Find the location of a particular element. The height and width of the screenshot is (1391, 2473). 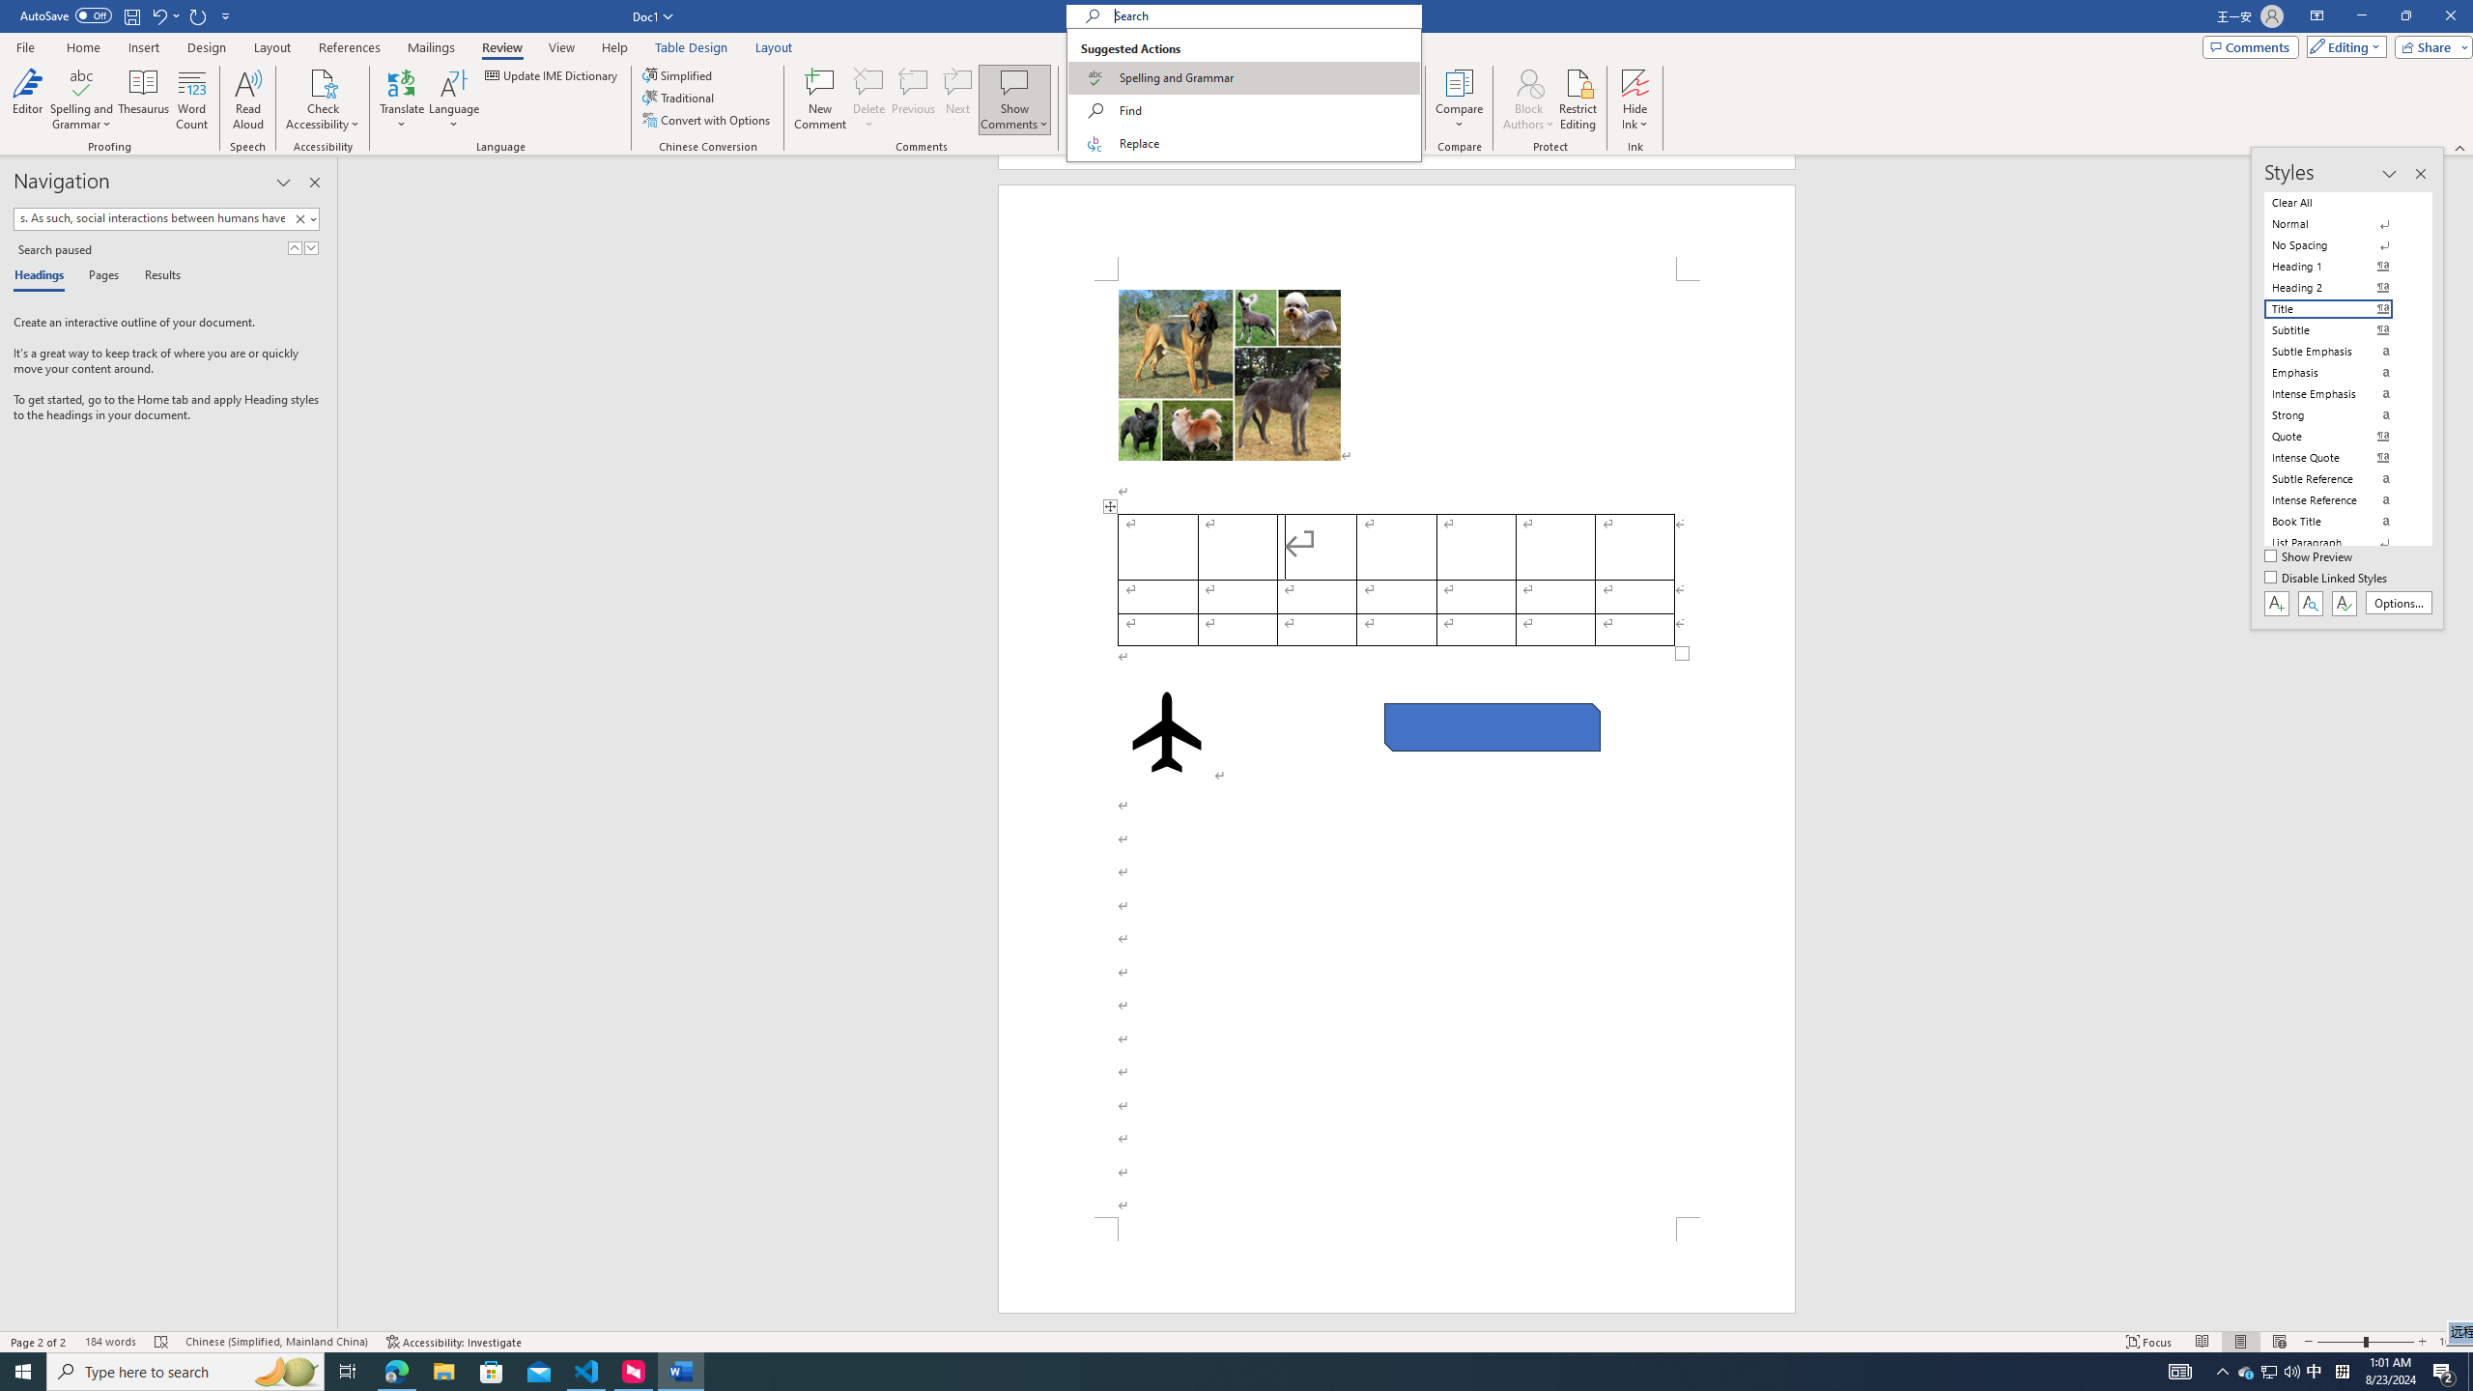

'Close' is located at coordinates (2449, 15).